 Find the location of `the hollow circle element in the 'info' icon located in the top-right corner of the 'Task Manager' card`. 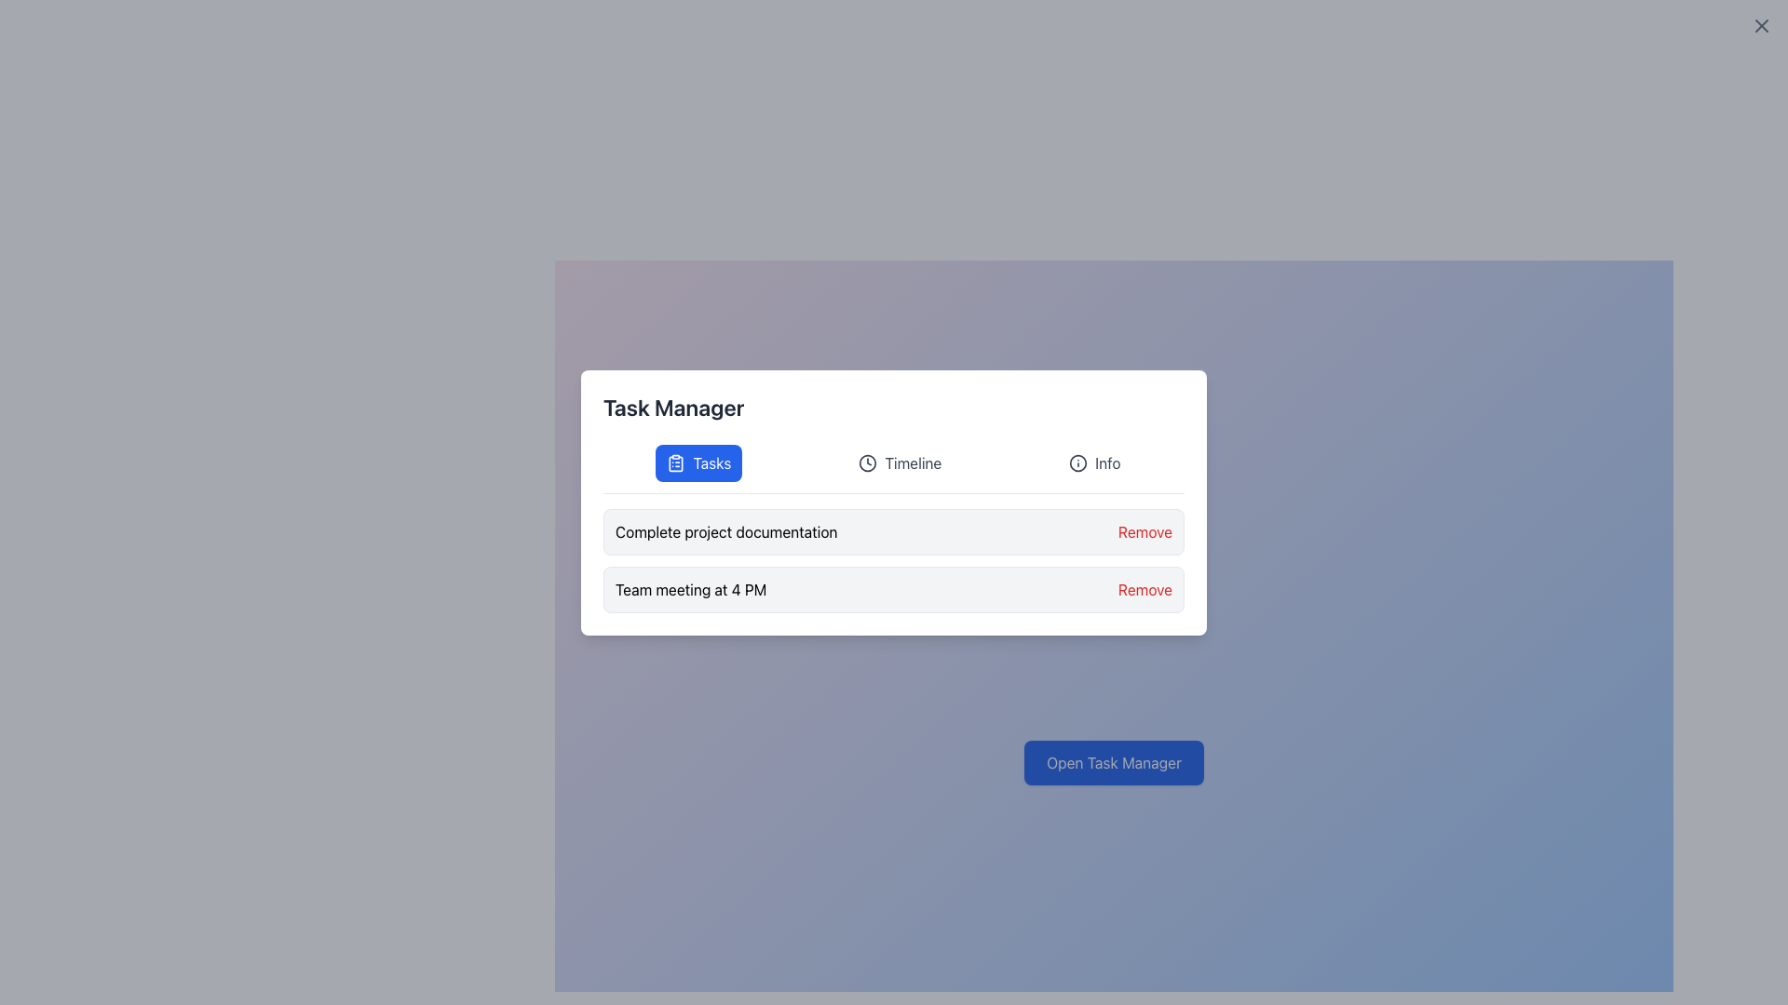

the hollow circle element in the 'info' icon located in the top-right corner of the 'Task Manager' card is located at coordinates (1078, 462).